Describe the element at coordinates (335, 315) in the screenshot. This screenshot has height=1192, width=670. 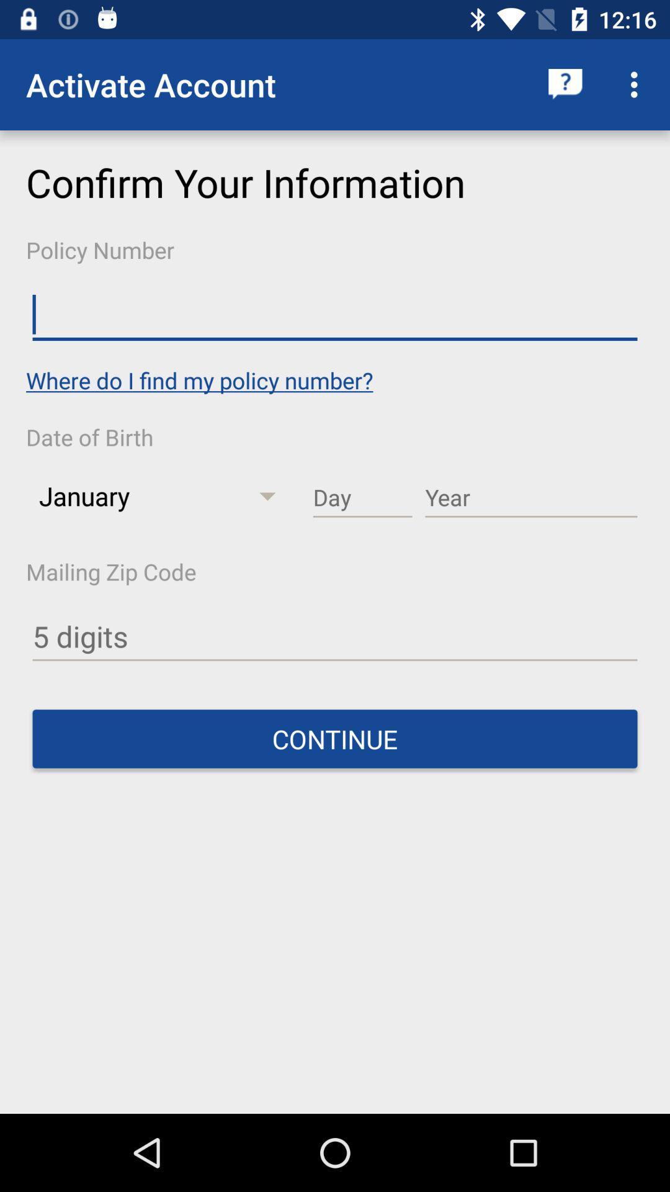
I see `icon below policy number icon` at that location.